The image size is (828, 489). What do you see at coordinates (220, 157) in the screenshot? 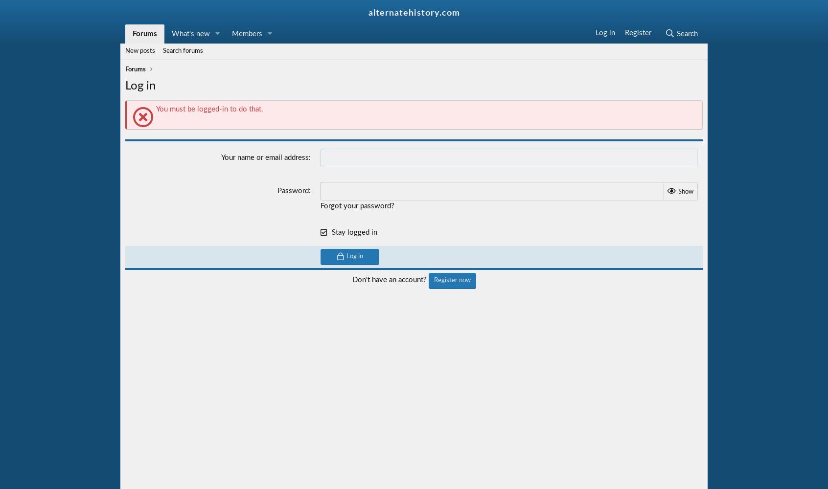
I see `'Your name or email address'` at bounding box center [220, 157].